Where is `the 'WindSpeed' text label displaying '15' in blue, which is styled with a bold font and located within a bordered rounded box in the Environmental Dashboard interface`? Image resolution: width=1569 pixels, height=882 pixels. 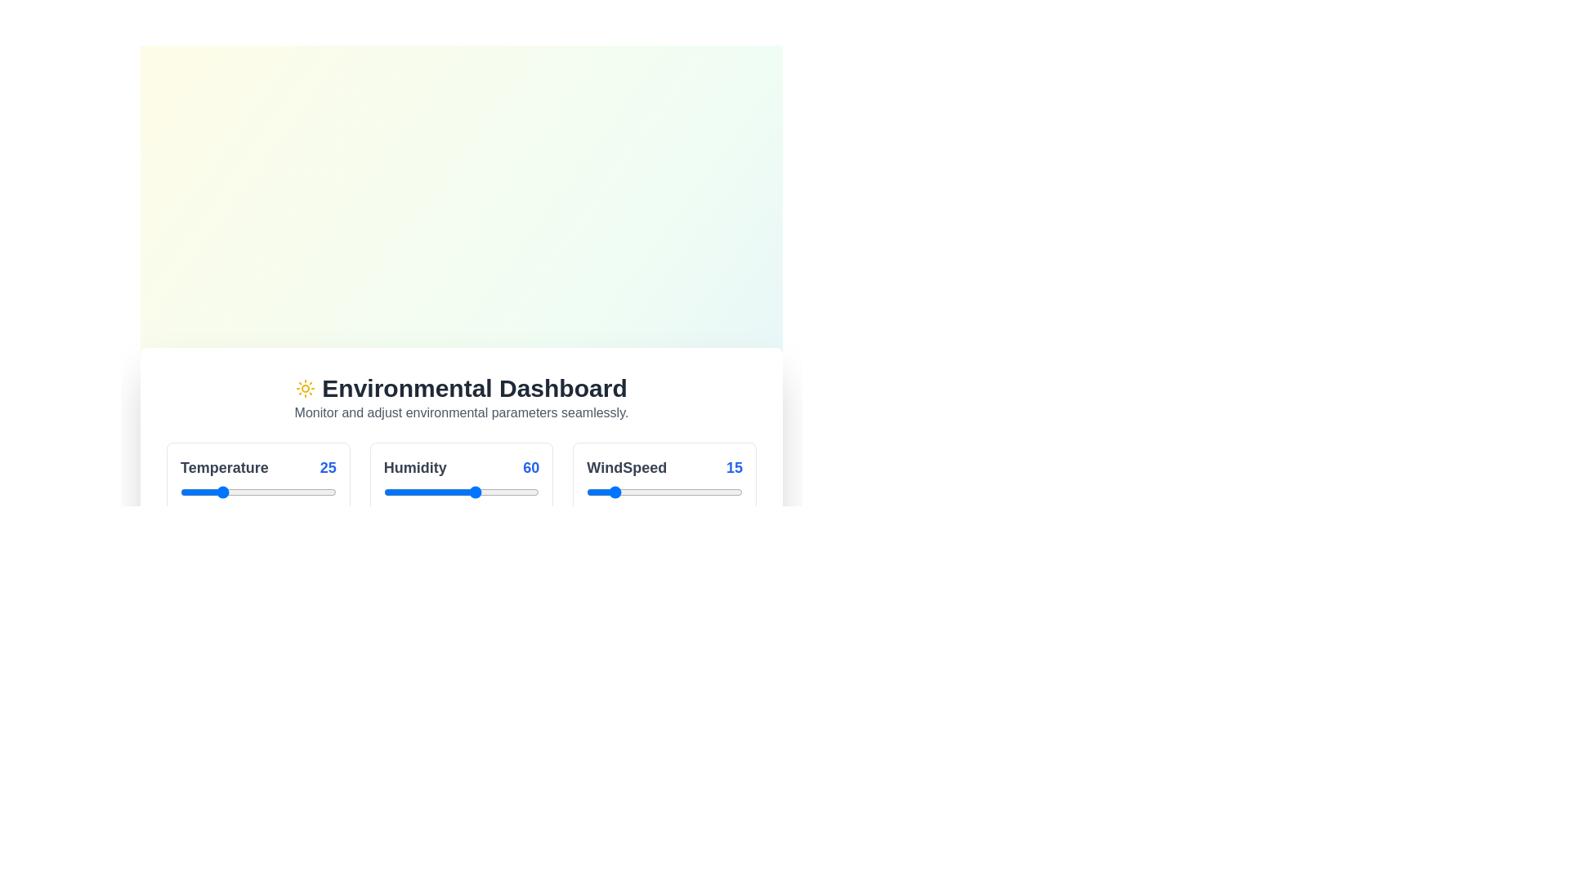 the 'WindSpeed' text label displaying '15' in blue, which is styled with a bold font and located within a bordered rounded box in the Environmental Dashboard interface is located at coordinates (664, 467).